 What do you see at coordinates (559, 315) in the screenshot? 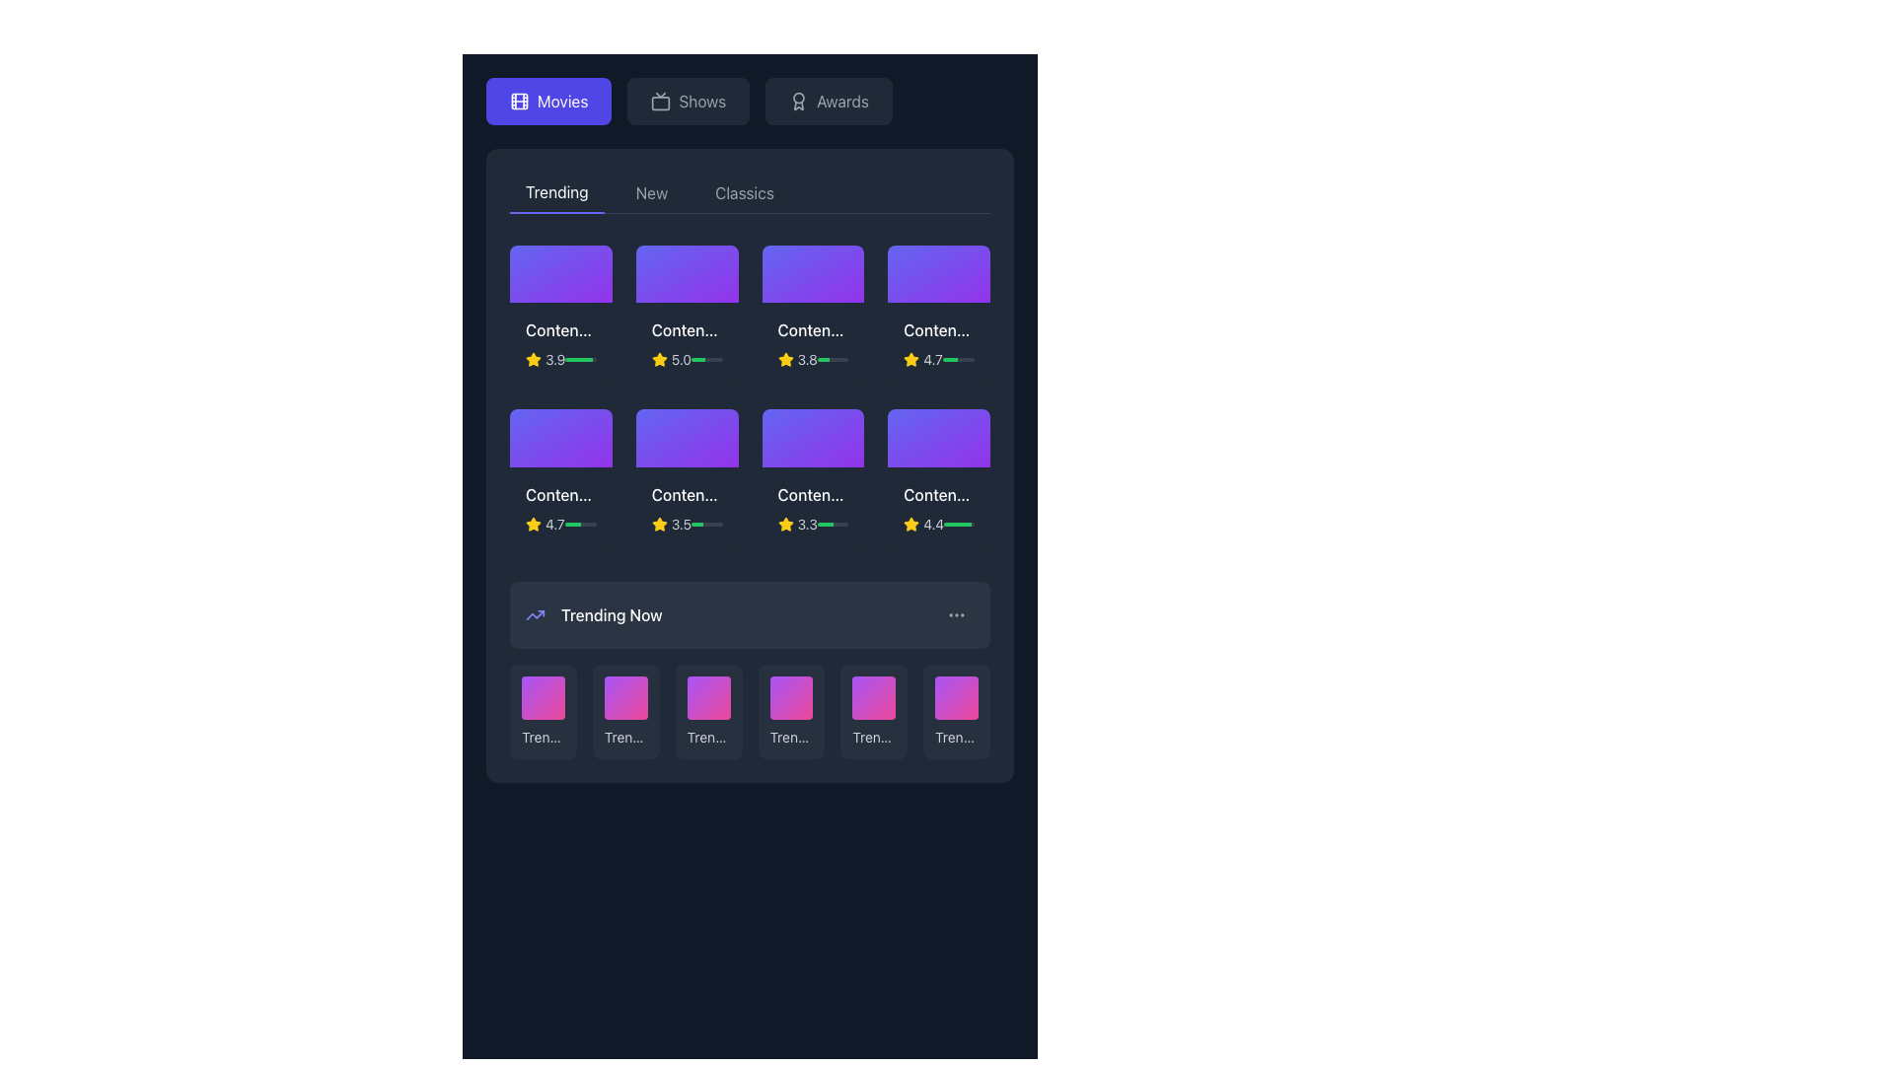
I see `the first card with a gradient purple background and a rating of '3.9' located under the 'Trending' tab in a multi-tab interface` at bounding box center [559, 315].